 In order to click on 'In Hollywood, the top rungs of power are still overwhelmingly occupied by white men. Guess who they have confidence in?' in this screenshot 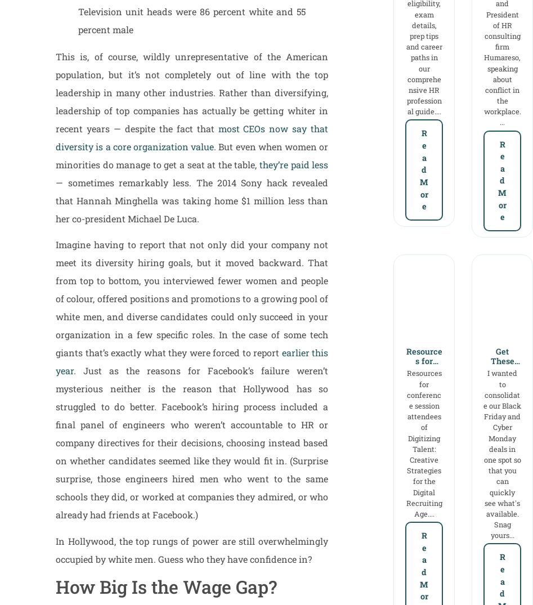, I will do `click(191, 549)`.